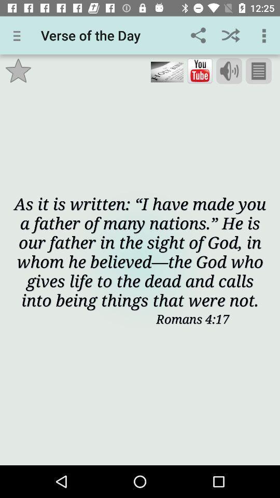 This screenshot has height=498, width=280. Describe the element at coordinates (198, 35) in the screenshot. I see `the item to the right of the verse of the app` at that location.